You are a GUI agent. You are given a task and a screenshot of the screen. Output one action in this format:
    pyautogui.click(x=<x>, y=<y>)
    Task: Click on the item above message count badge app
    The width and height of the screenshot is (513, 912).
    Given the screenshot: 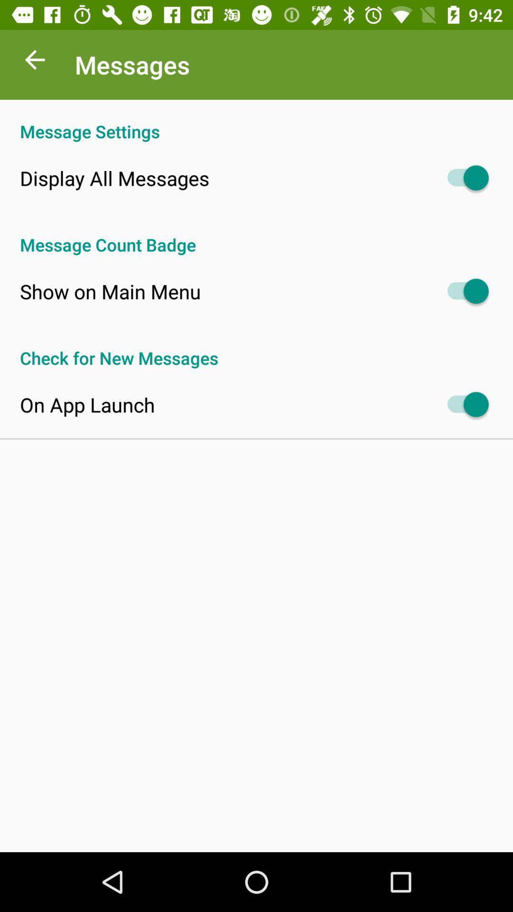 What is the action you would take?
    pyautogui.click(x=114, y=178)
    